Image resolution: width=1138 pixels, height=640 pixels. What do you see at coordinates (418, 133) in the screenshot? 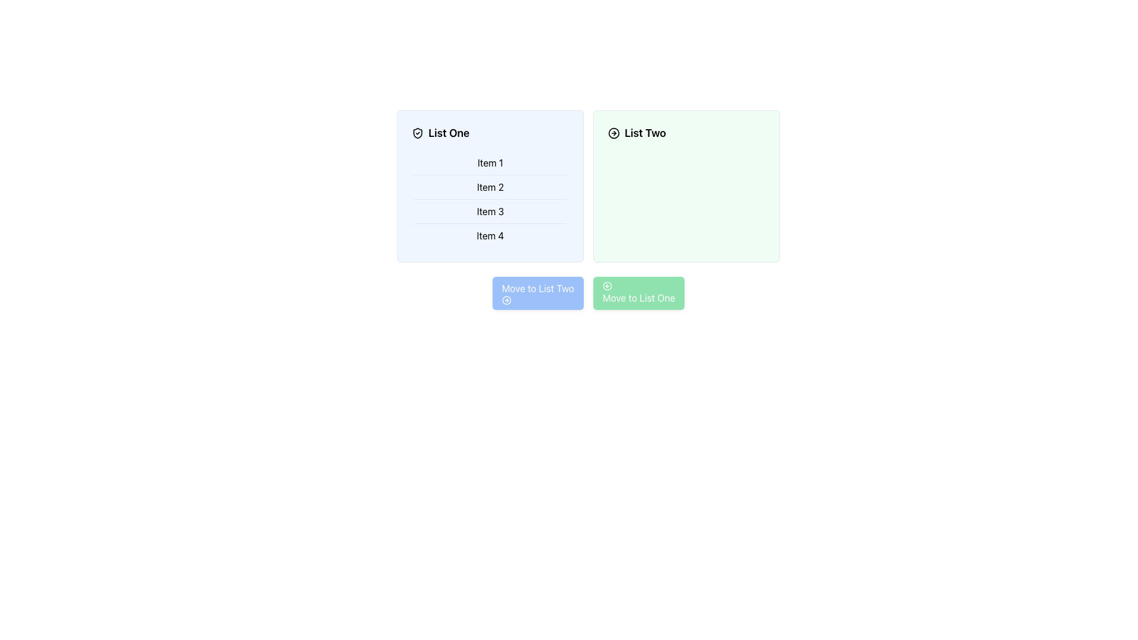
I see `the security or verification icon located in the header section of the 'List One' panel, positioned to the left of the 'List One' label` at bounding box center [418, 133].